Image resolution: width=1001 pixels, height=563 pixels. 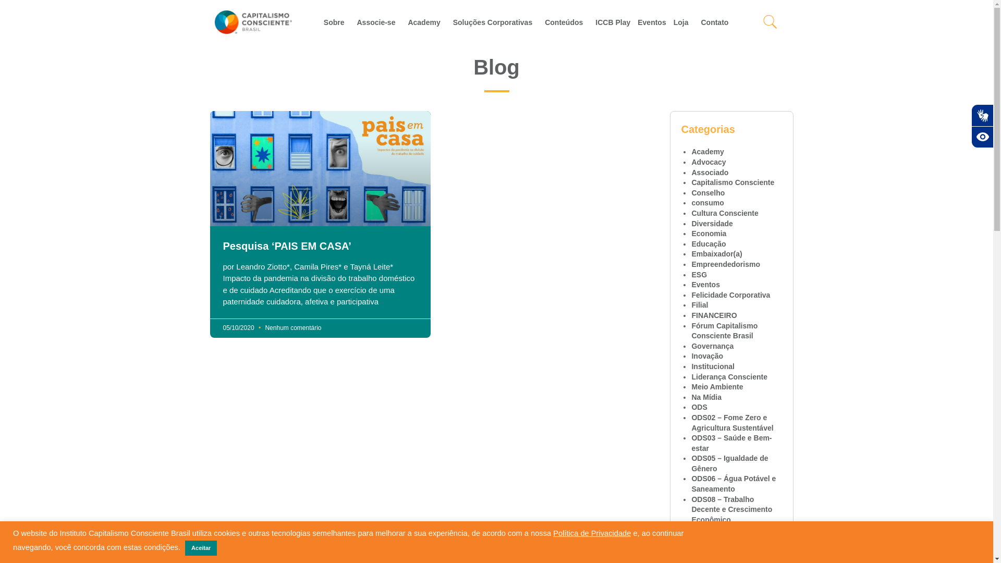 What do you see at coordinates (613, 22) in the screenshot?
I see `'ICCB Play'` at bounding box center [613, 22].